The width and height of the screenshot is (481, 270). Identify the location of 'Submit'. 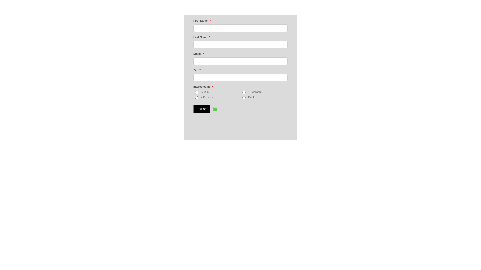
(202, 108).